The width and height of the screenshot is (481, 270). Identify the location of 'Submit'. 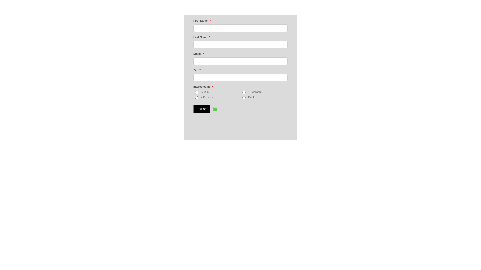
(202, 108).